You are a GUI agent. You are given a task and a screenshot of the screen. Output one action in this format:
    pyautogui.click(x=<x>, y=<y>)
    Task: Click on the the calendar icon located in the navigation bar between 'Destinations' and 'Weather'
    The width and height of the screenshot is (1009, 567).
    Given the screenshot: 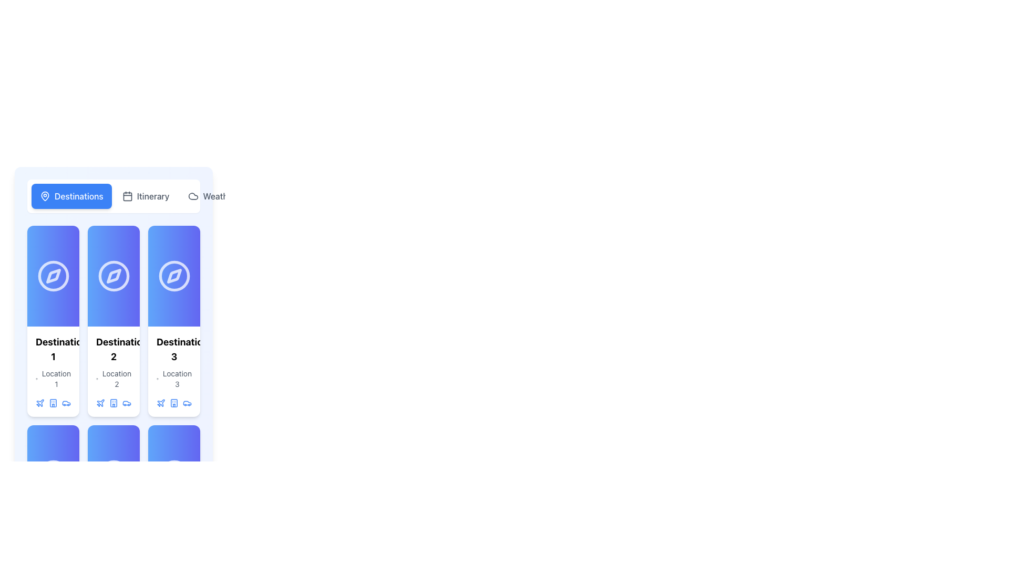 What is the action you would take?
    pyautogui.click(x=127, y=196)
    